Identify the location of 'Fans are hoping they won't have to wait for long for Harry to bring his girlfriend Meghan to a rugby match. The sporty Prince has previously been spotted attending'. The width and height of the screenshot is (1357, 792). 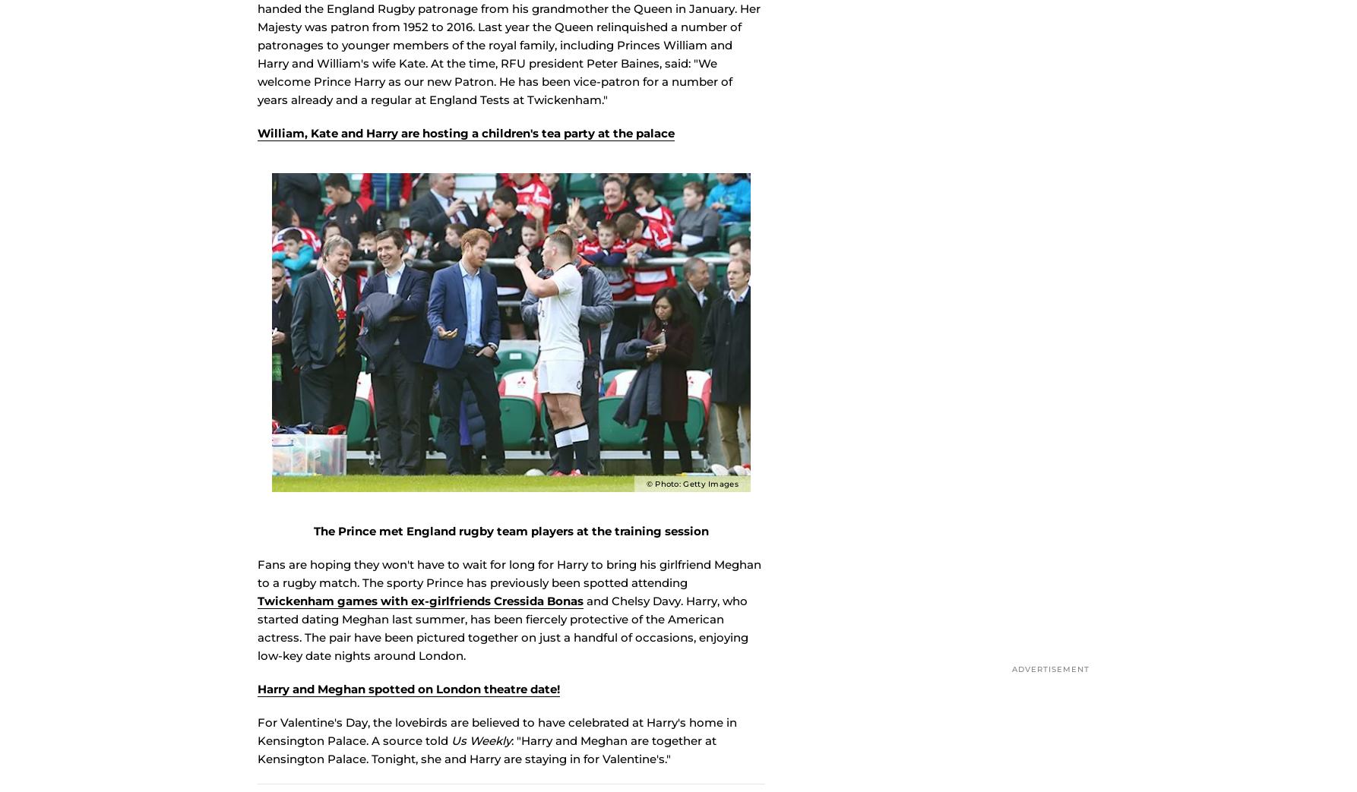
(509, 595).